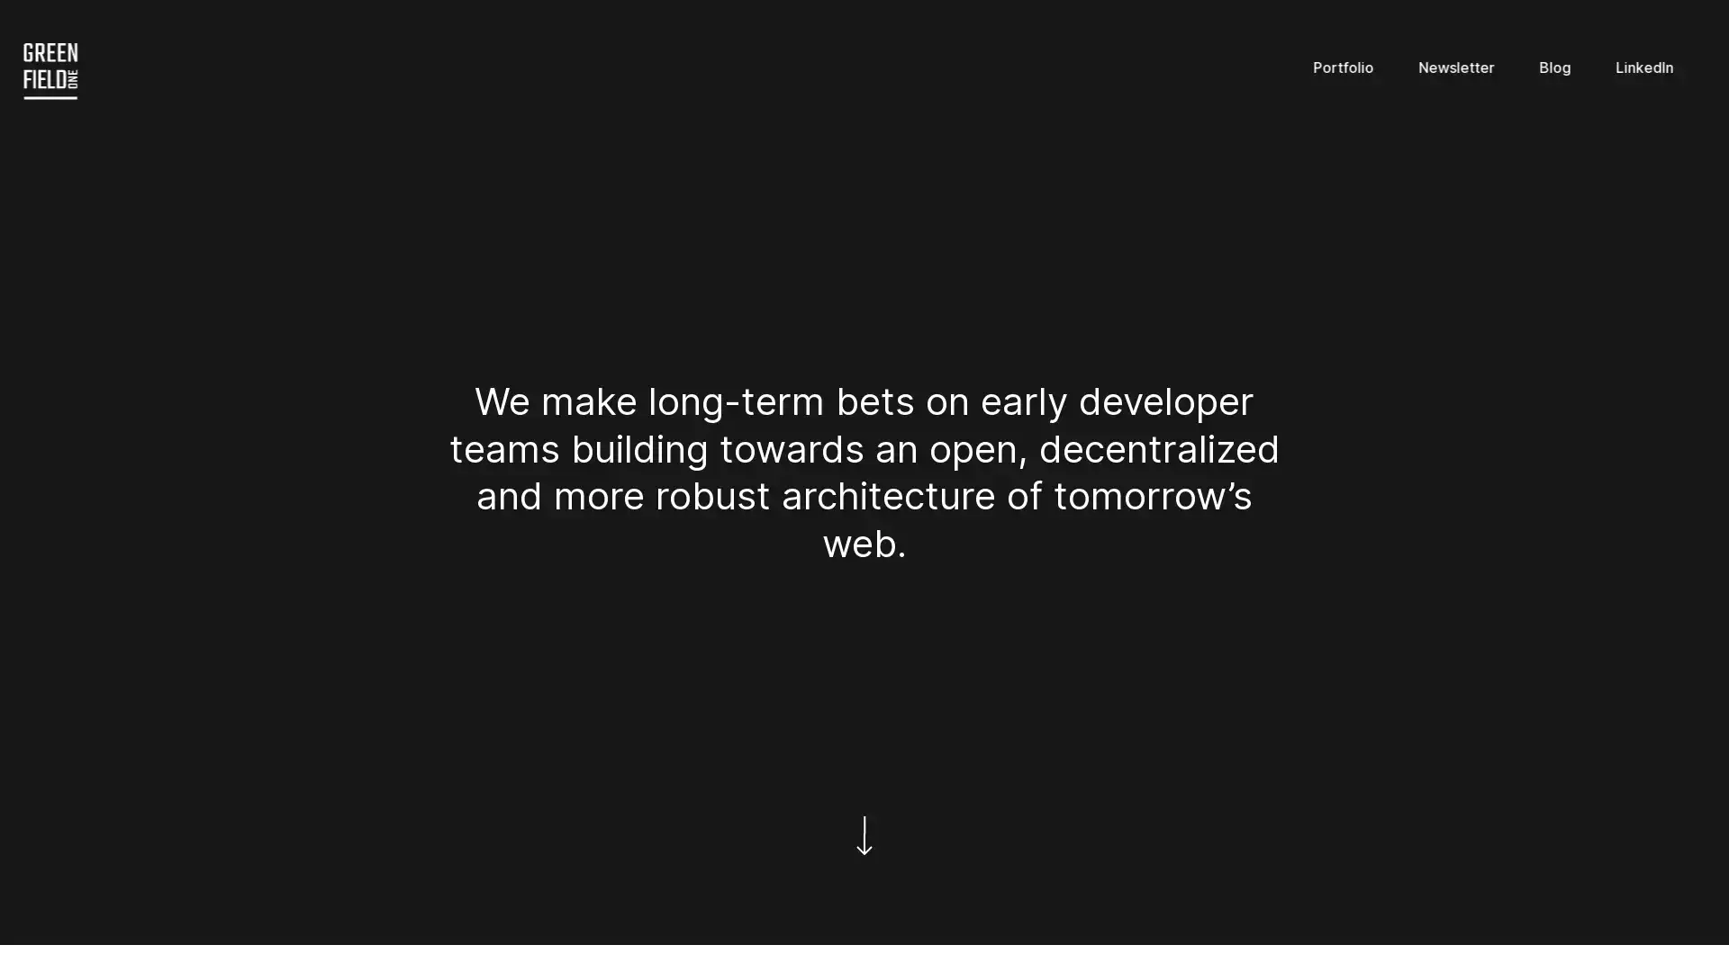 The height and width of the screenshot is (972, 1729). I want to click on Scroll down, so click(863, 835).